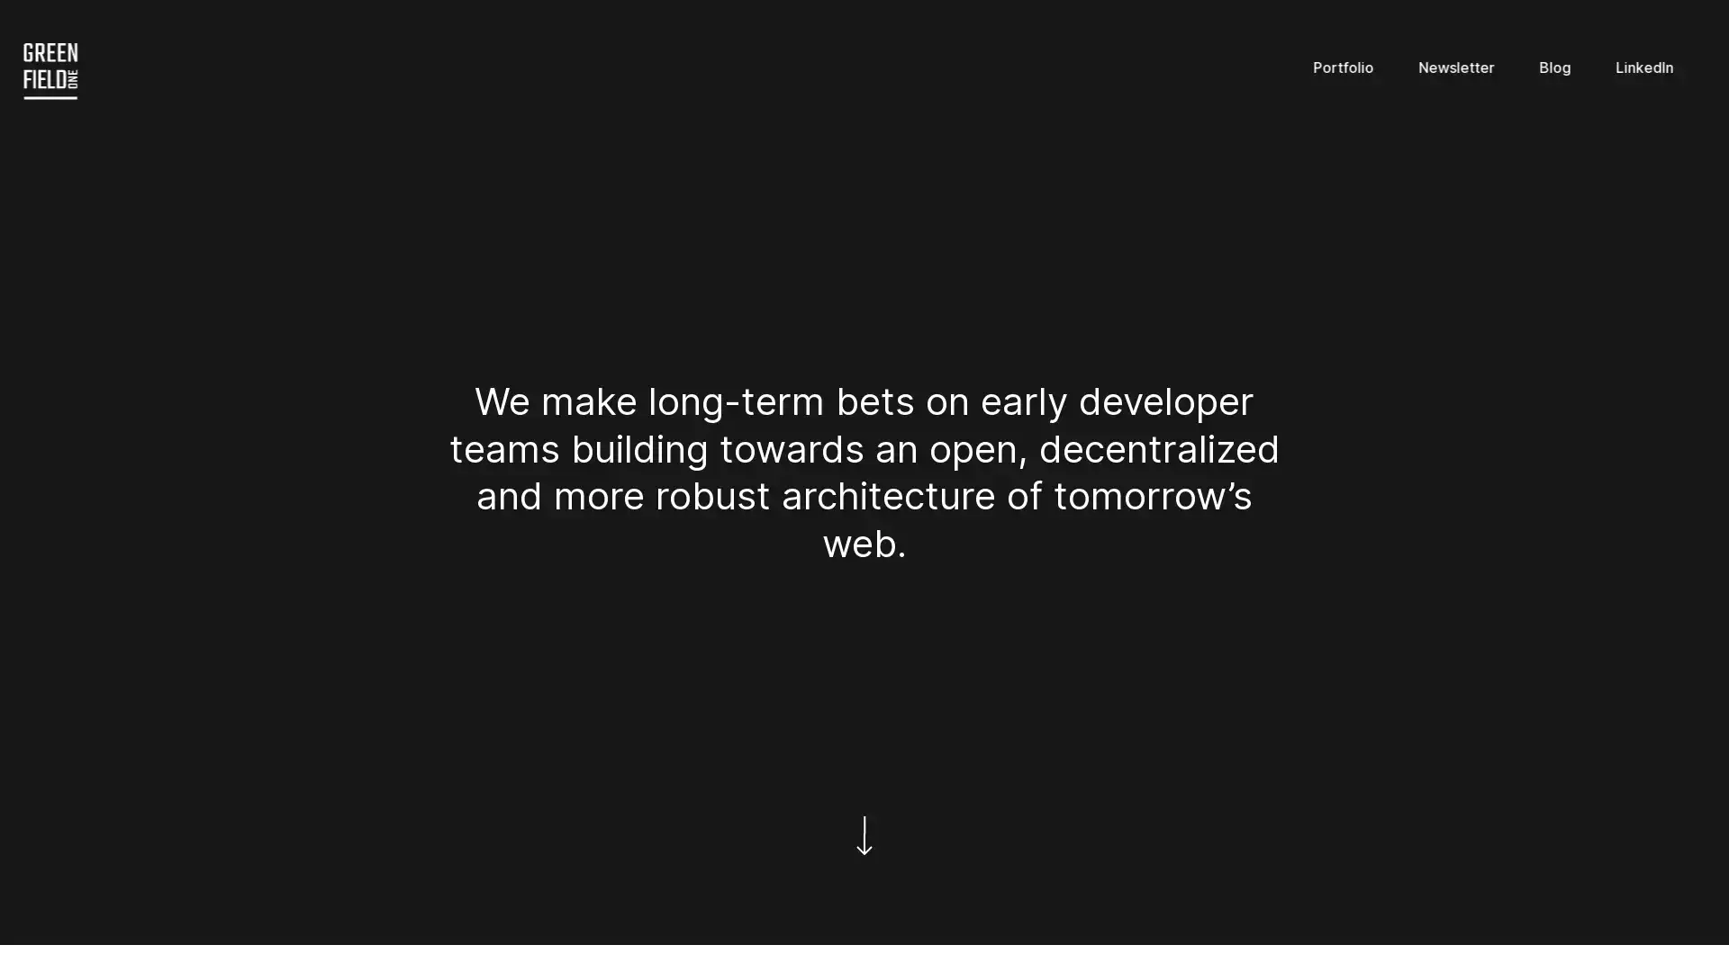 The height and width of the screenshot is (972, 1729). I want to click on Scroll down, so click(863, 835).